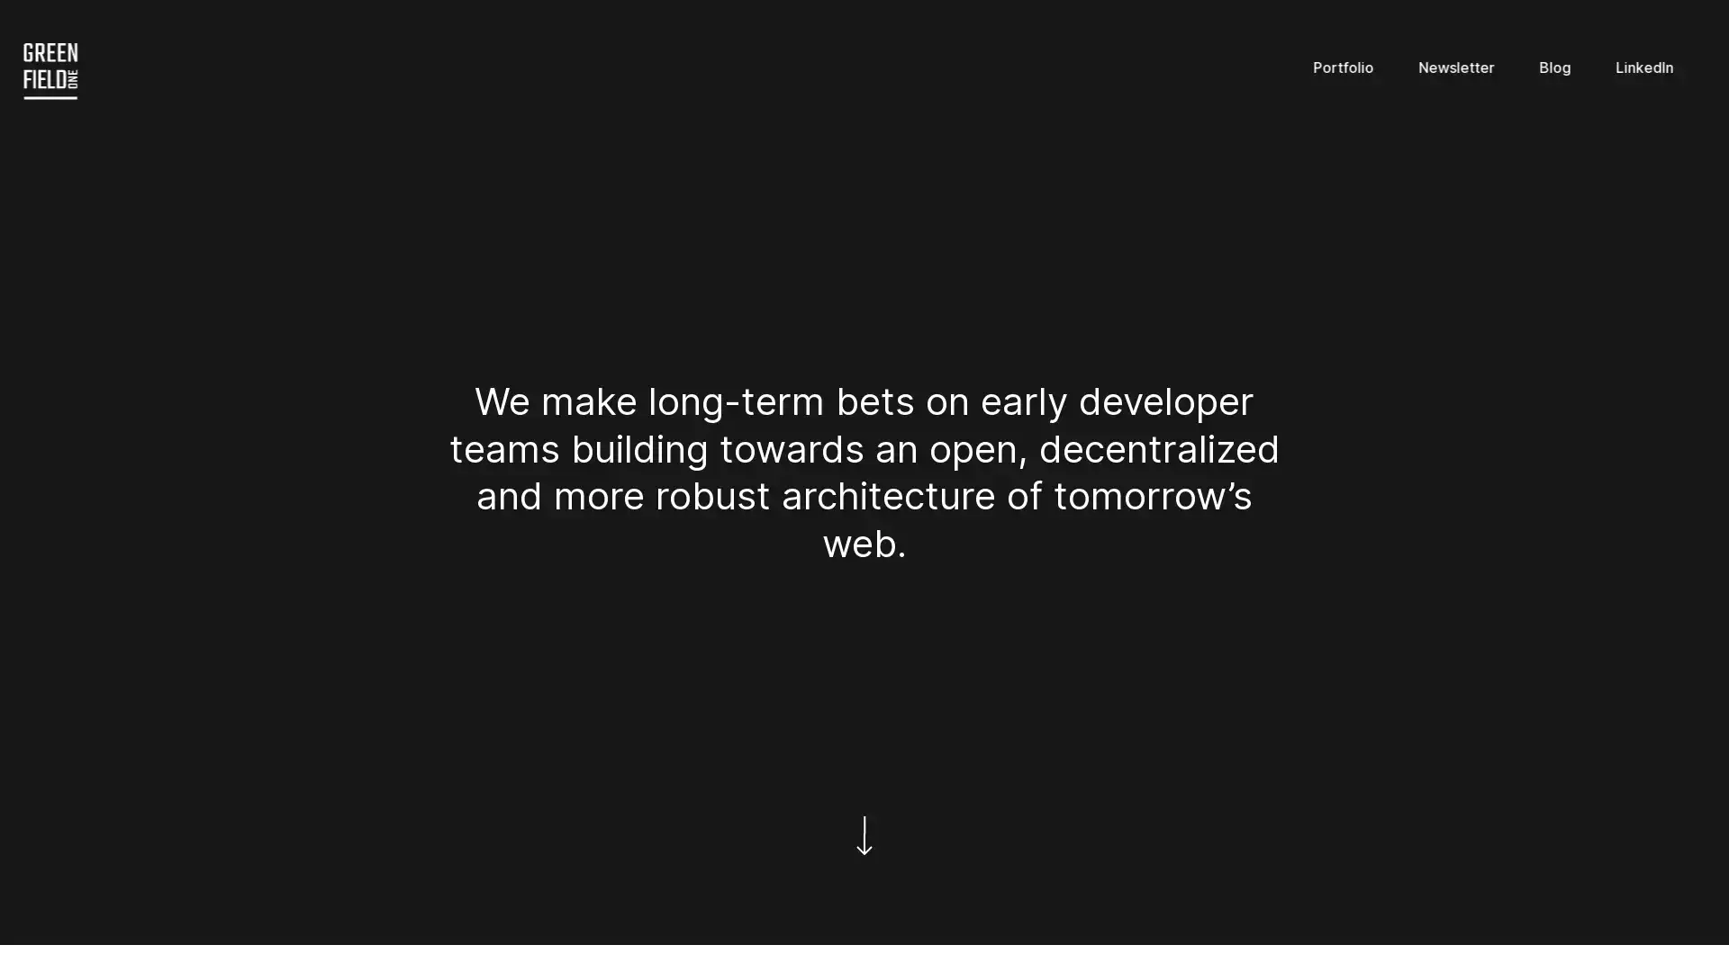 The height and width of the screenshot is (972, 1729). I want to click on Scroll down, so click(863, 835).